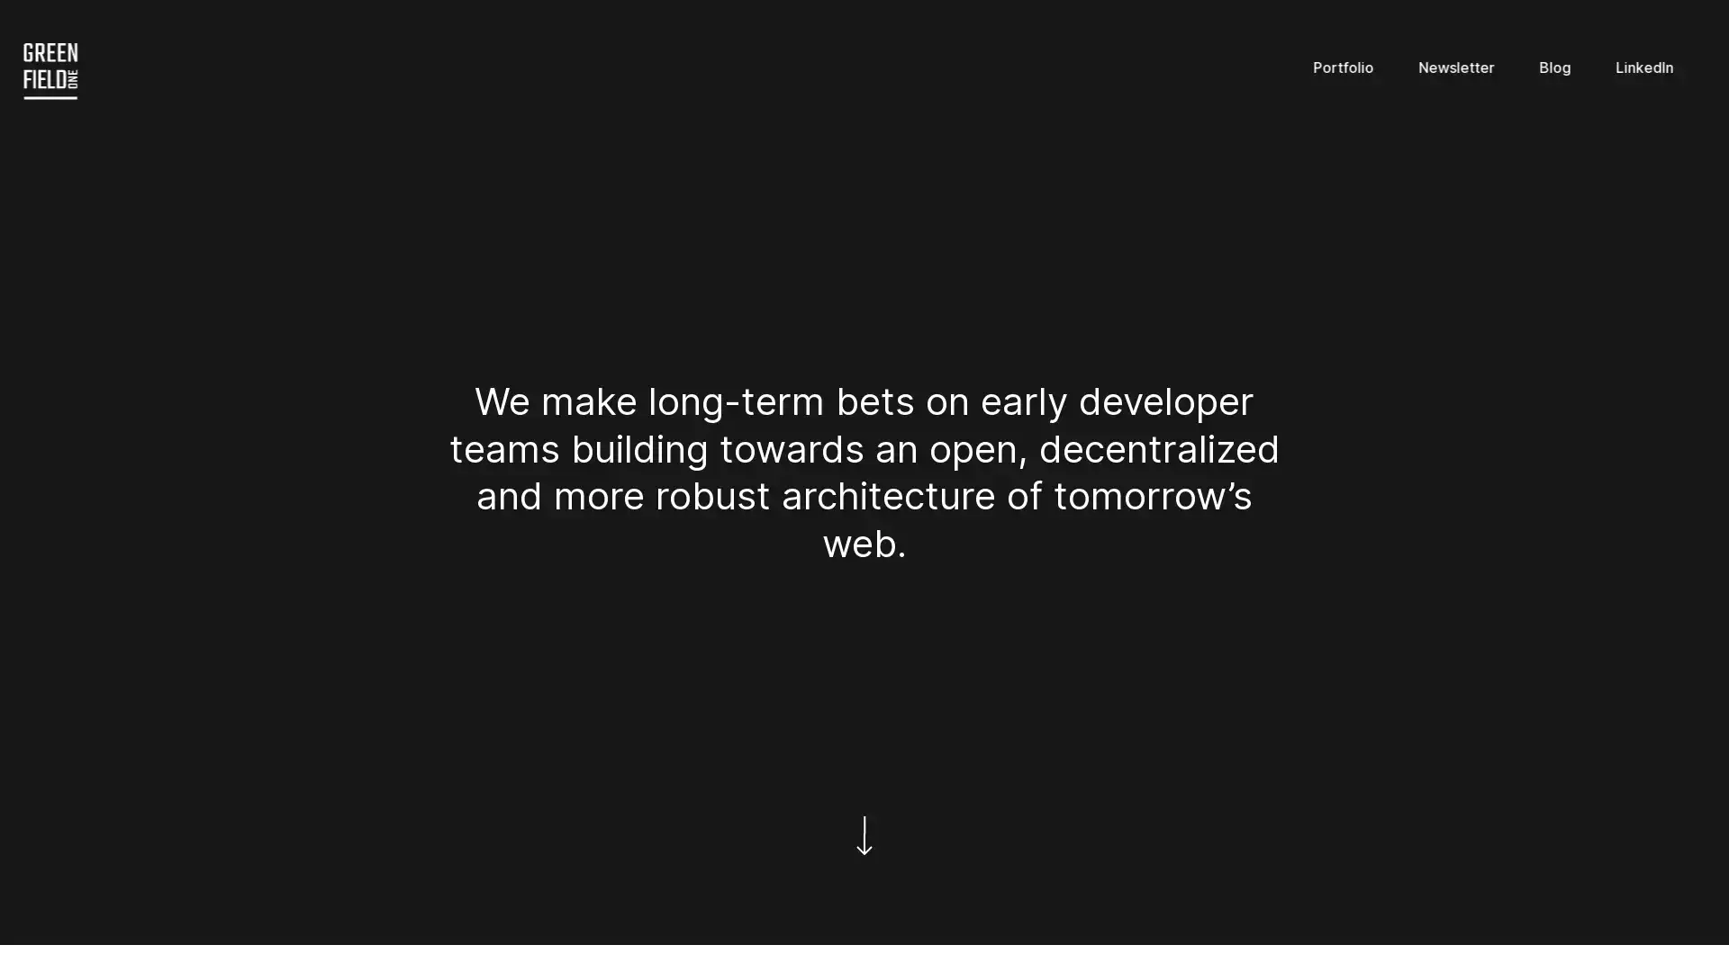 The height and width of the screenshot is (972, 1729). I want to click on Scroll down, so click(863, 835).